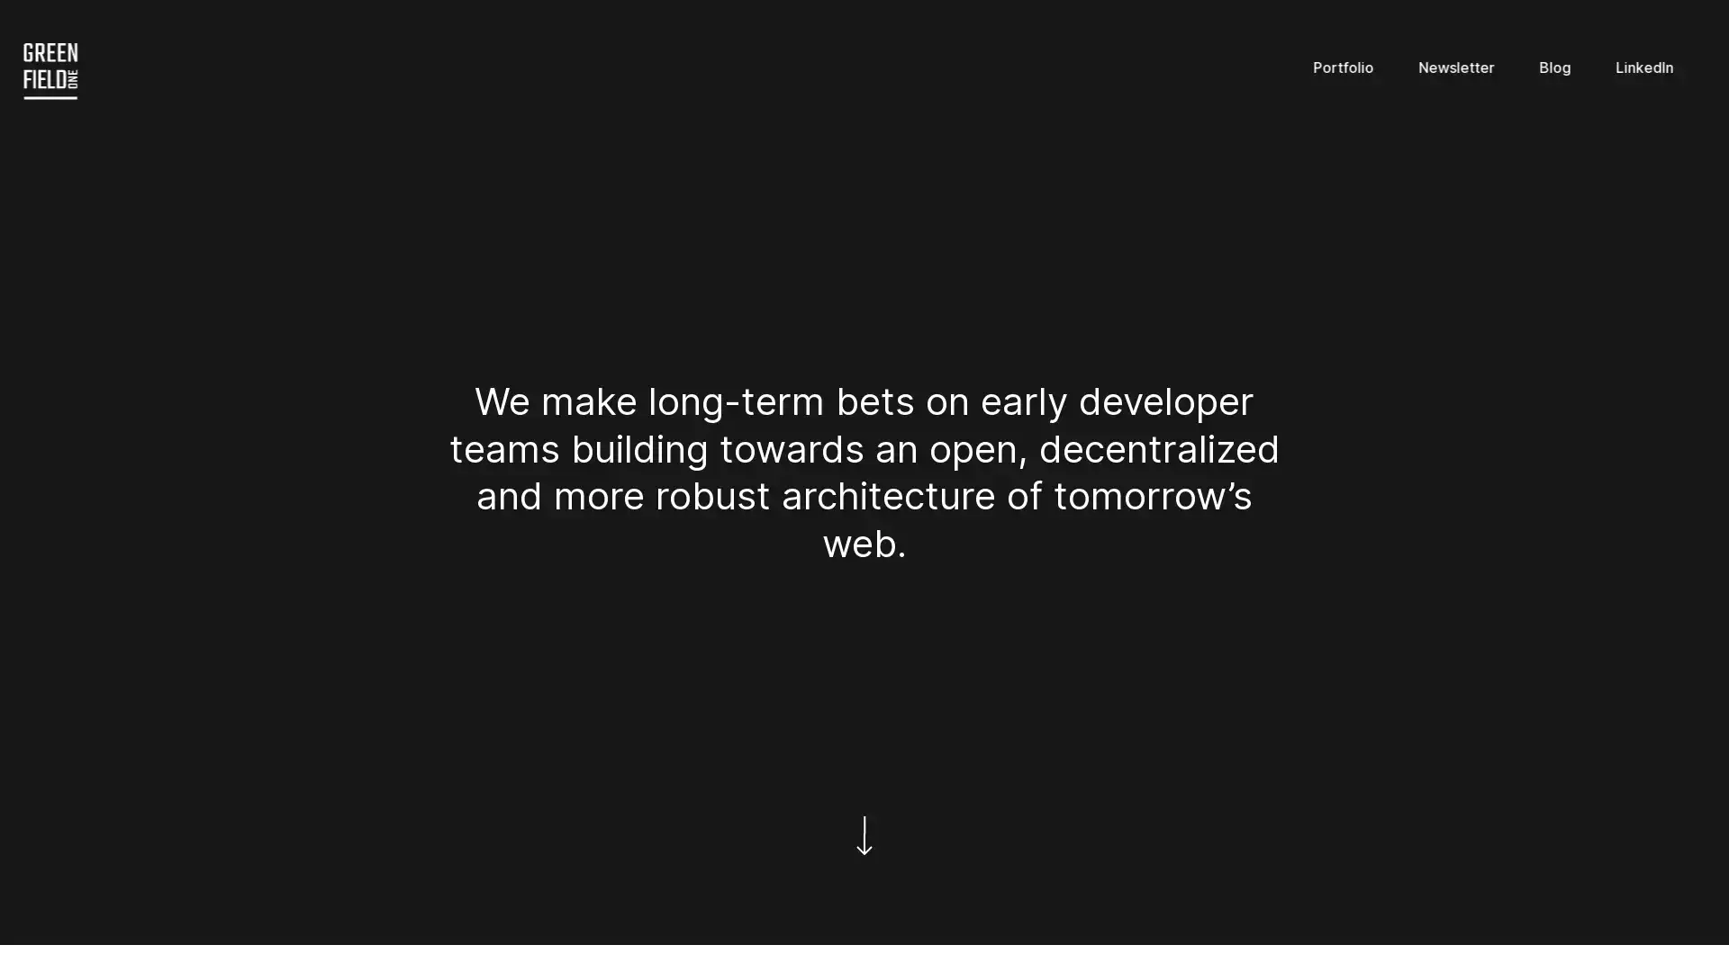 The height and width of the screenshot is (972, 1729). I want to click on Scroll down, so click(863, 835).